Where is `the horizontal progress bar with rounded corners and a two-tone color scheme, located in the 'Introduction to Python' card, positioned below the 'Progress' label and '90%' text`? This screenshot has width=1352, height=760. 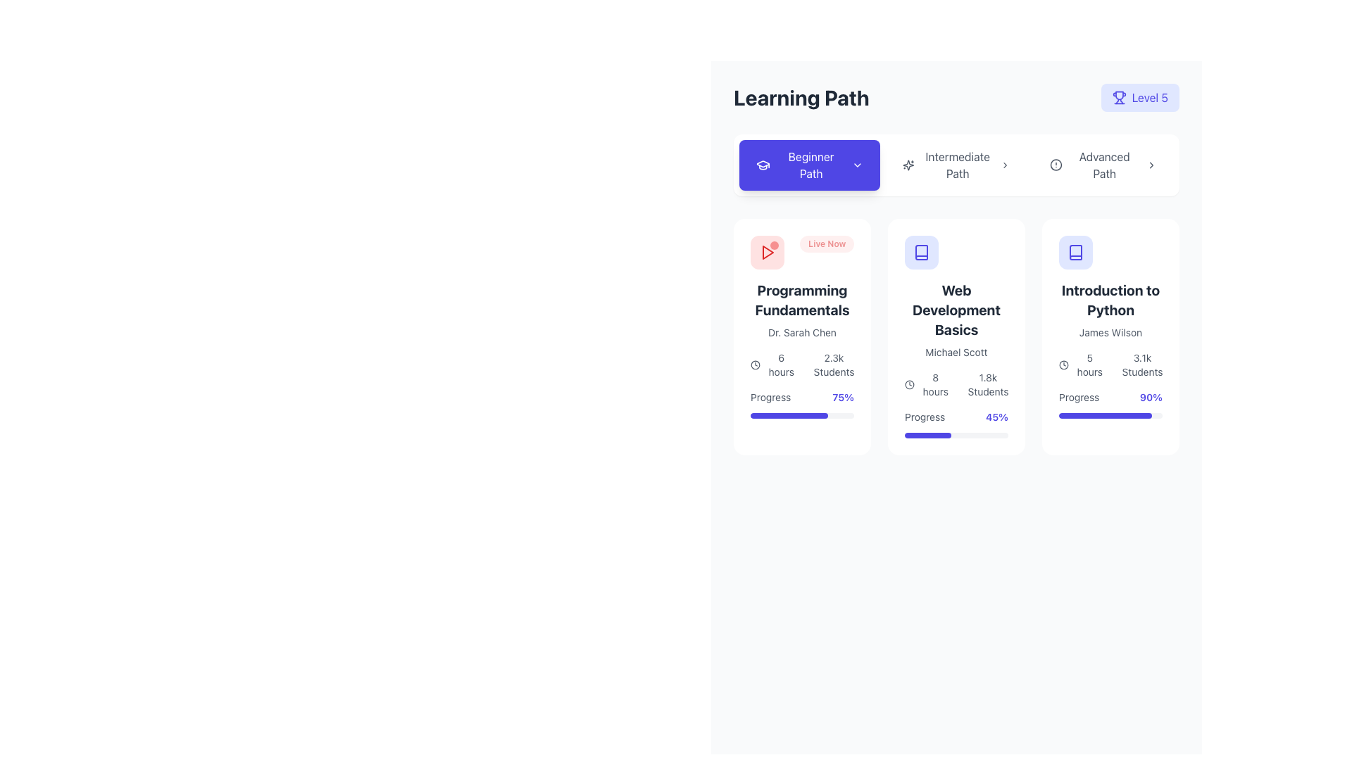
the horizontal progress bar with rounded corners and a two-tone color scheme, located in the 'Introduction to Python' card, positioned below the 'Progress' label and '90%' text is located at coordinates (1110, 414).